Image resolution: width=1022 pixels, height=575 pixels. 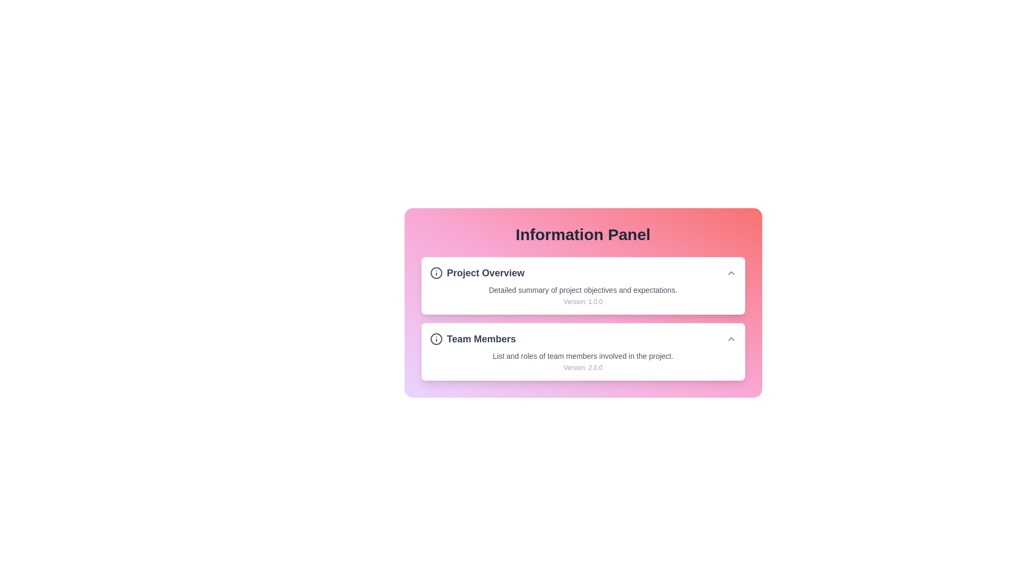 I want to click on the Text label that serves as a header for the project objectives, located in the top card of the panel, so click(x=485, y=273).